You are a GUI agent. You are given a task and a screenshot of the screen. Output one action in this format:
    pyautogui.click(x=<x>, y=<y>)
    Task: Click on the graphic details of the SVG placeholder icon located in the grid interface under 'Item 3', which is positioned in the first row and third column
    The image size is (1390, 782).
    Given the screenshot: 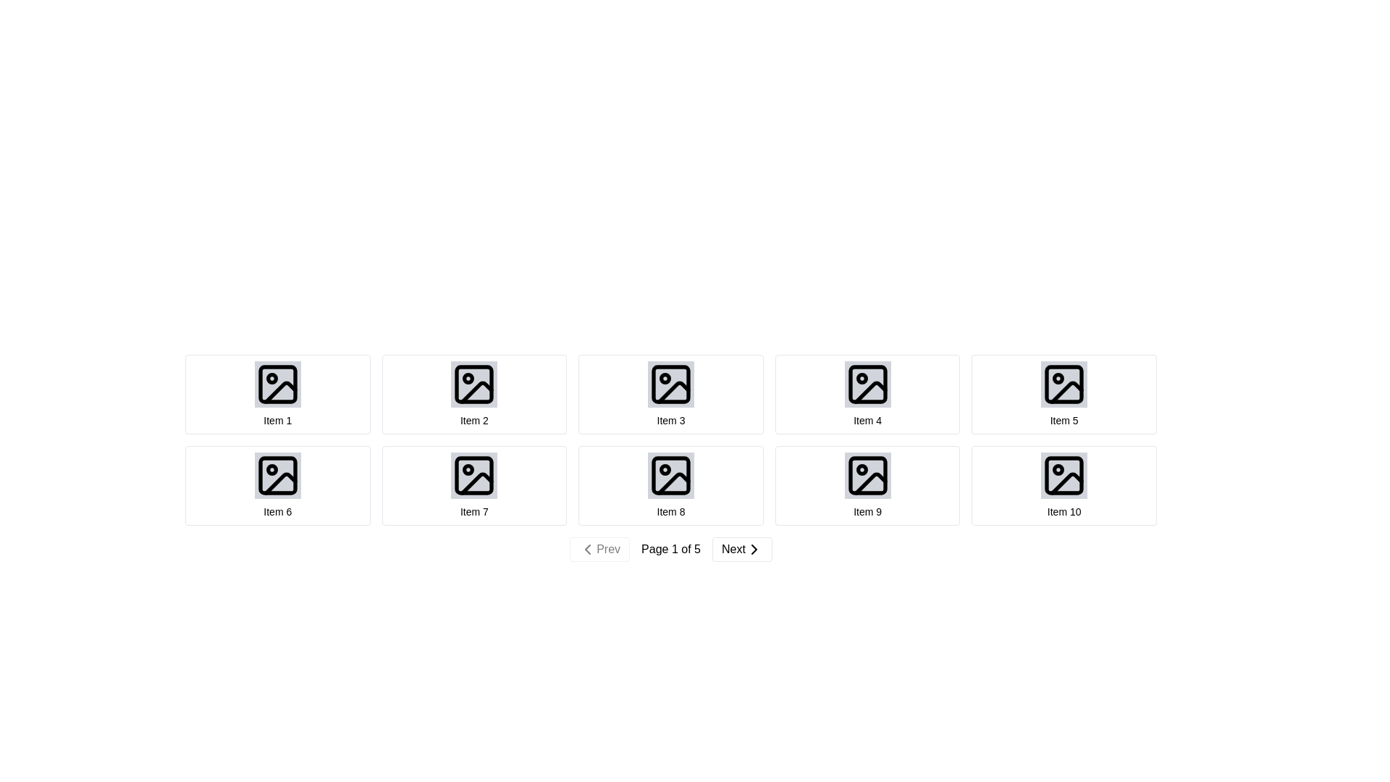 What is the action you would take?
    pyautogui.click(x=670, y=384)
    